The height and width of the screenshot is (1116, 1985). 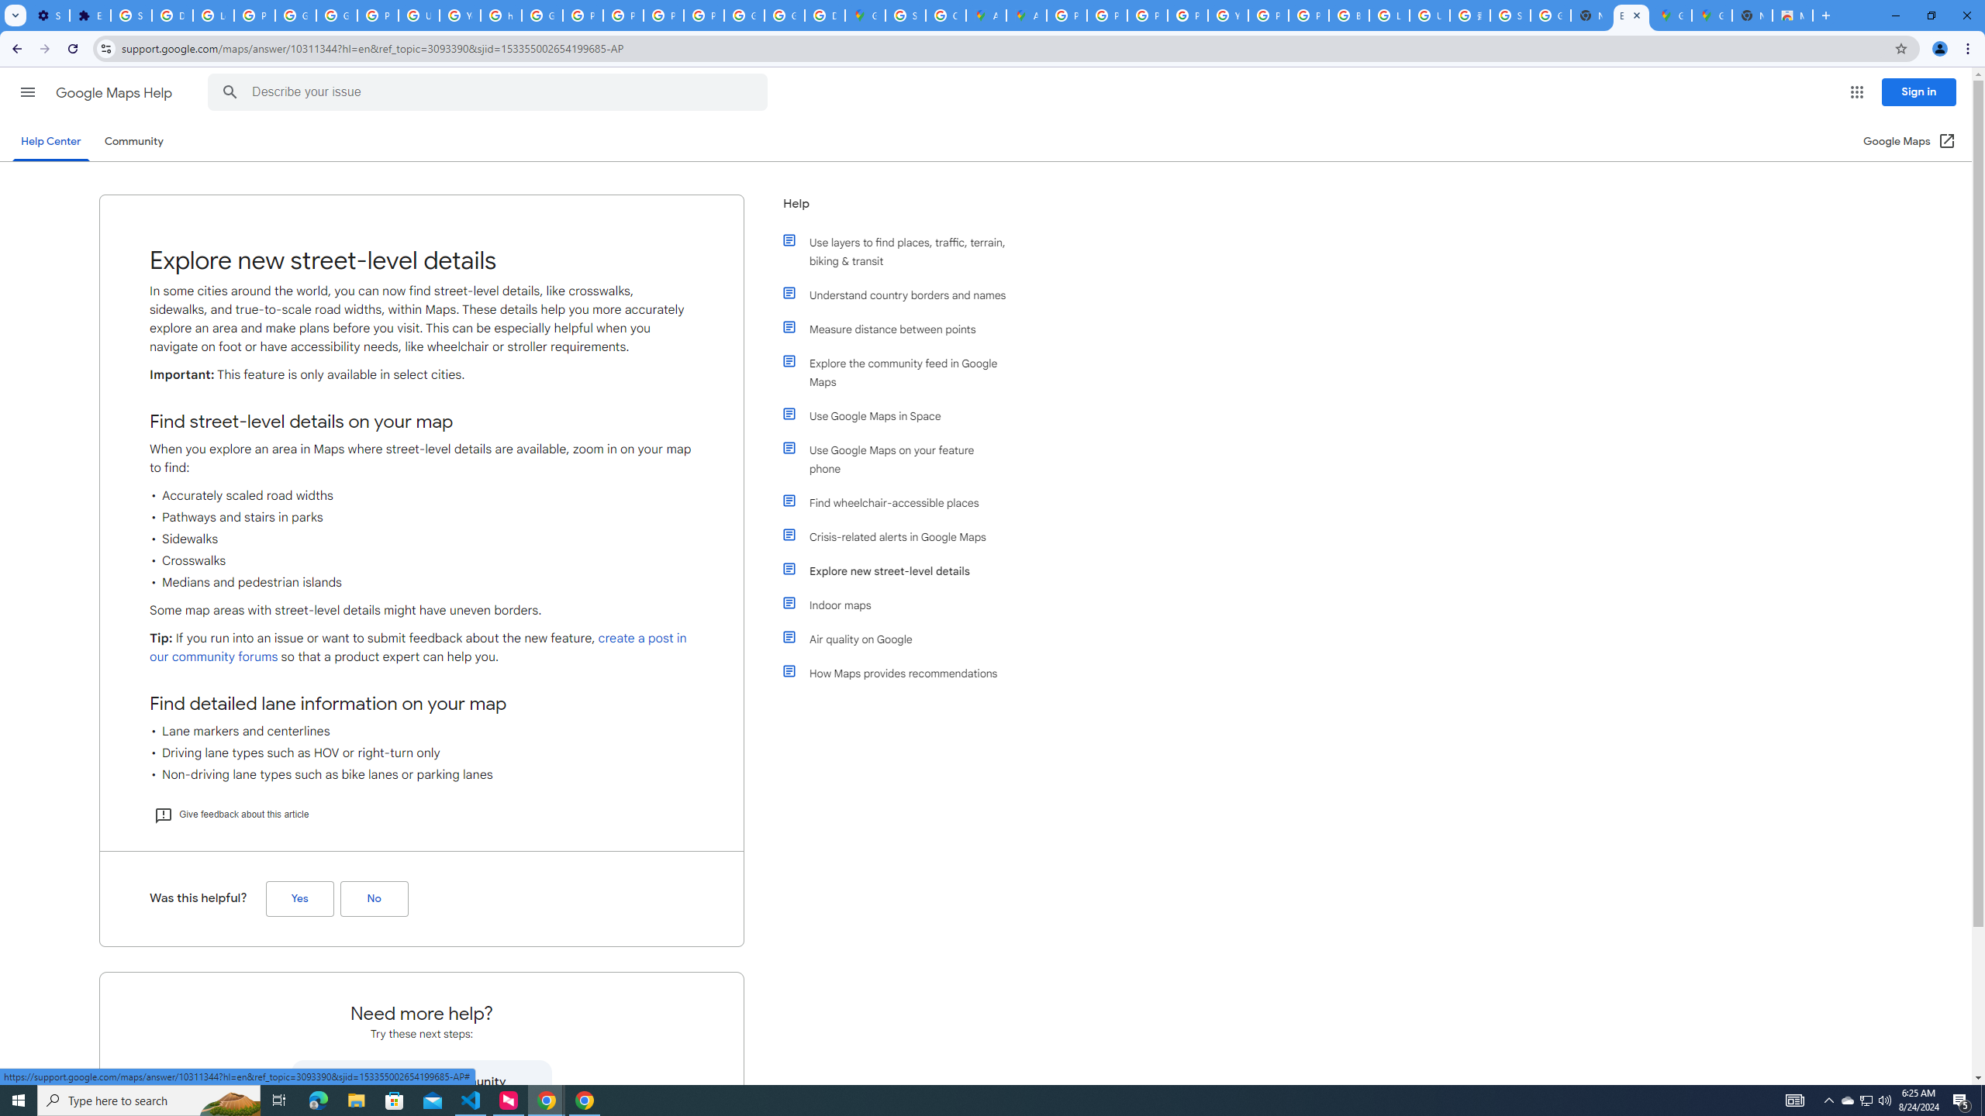 What do you see at coordinates (901, 570) in the screenshot?
I see `'Explore new street-level details'` at bounding box center [901, 570].